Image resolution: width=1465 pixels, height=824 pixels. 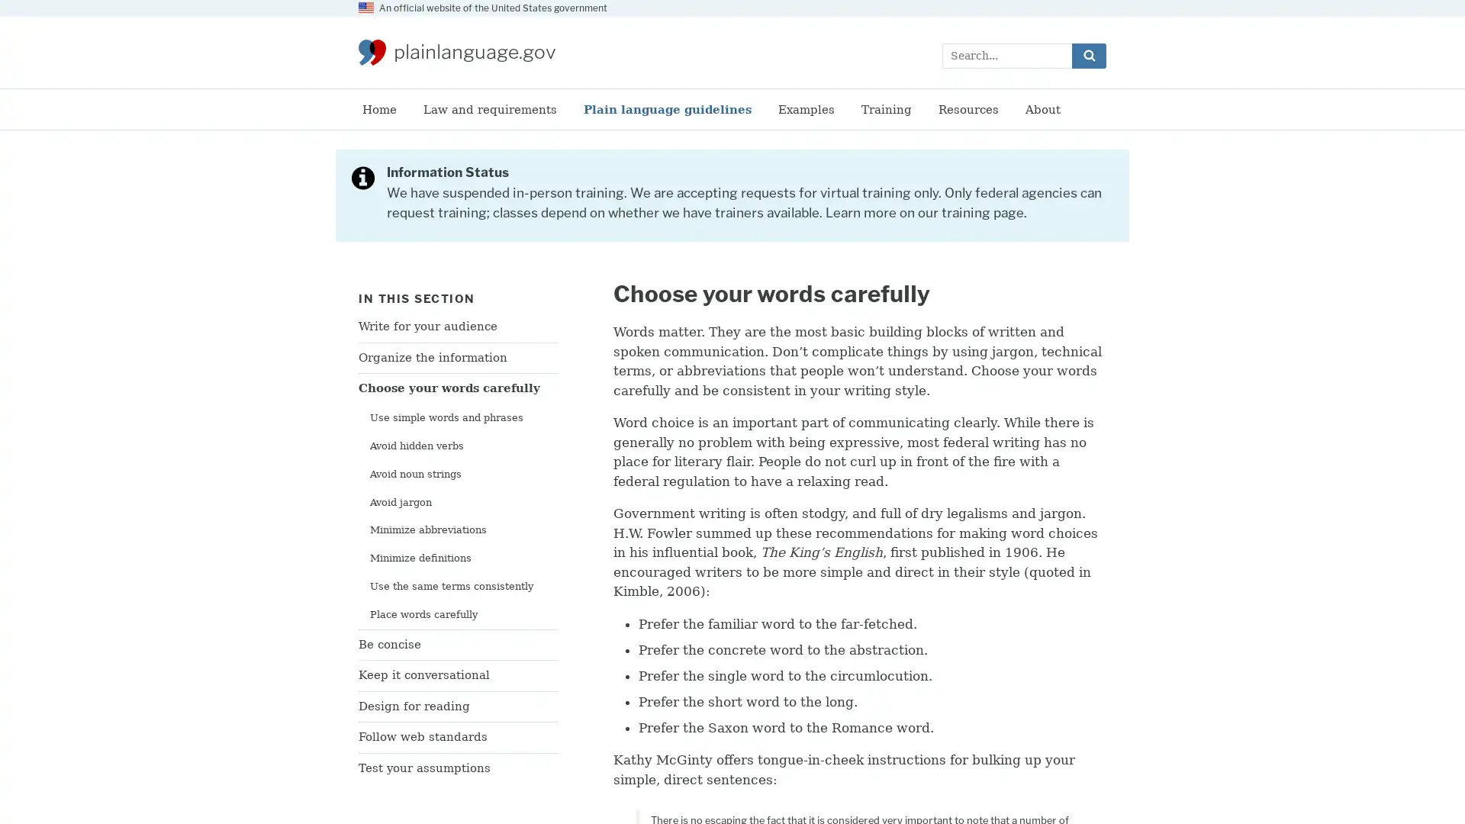 I want to click on Search, so click(x=1088, y=54).